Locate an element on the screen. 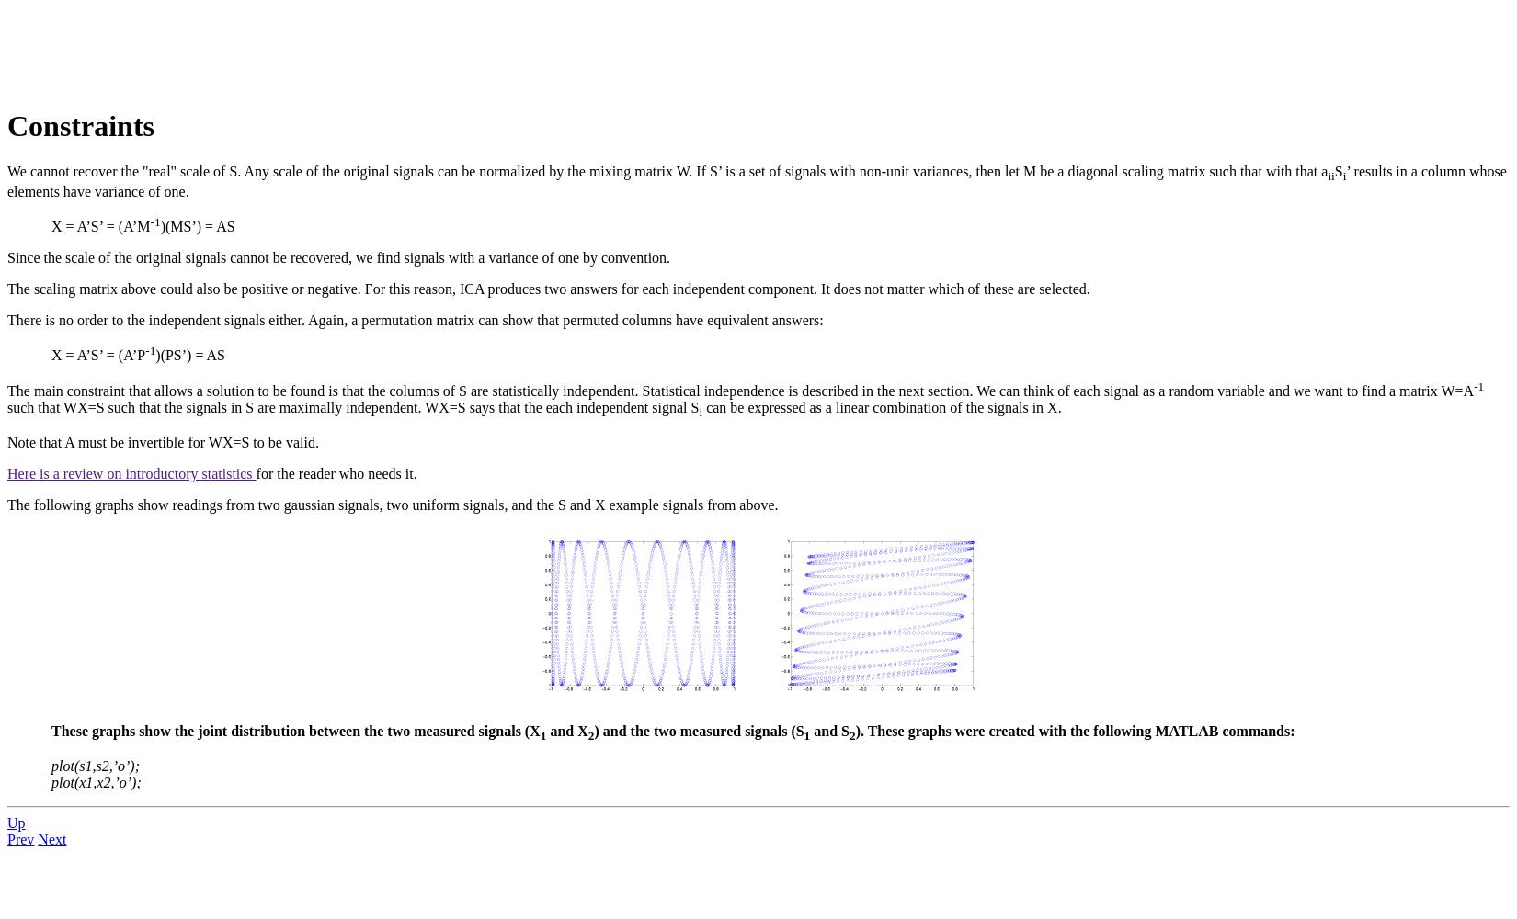 The image size is (1517, 919). 'for the reader who needs it.' is located at coordinates (336, 473).